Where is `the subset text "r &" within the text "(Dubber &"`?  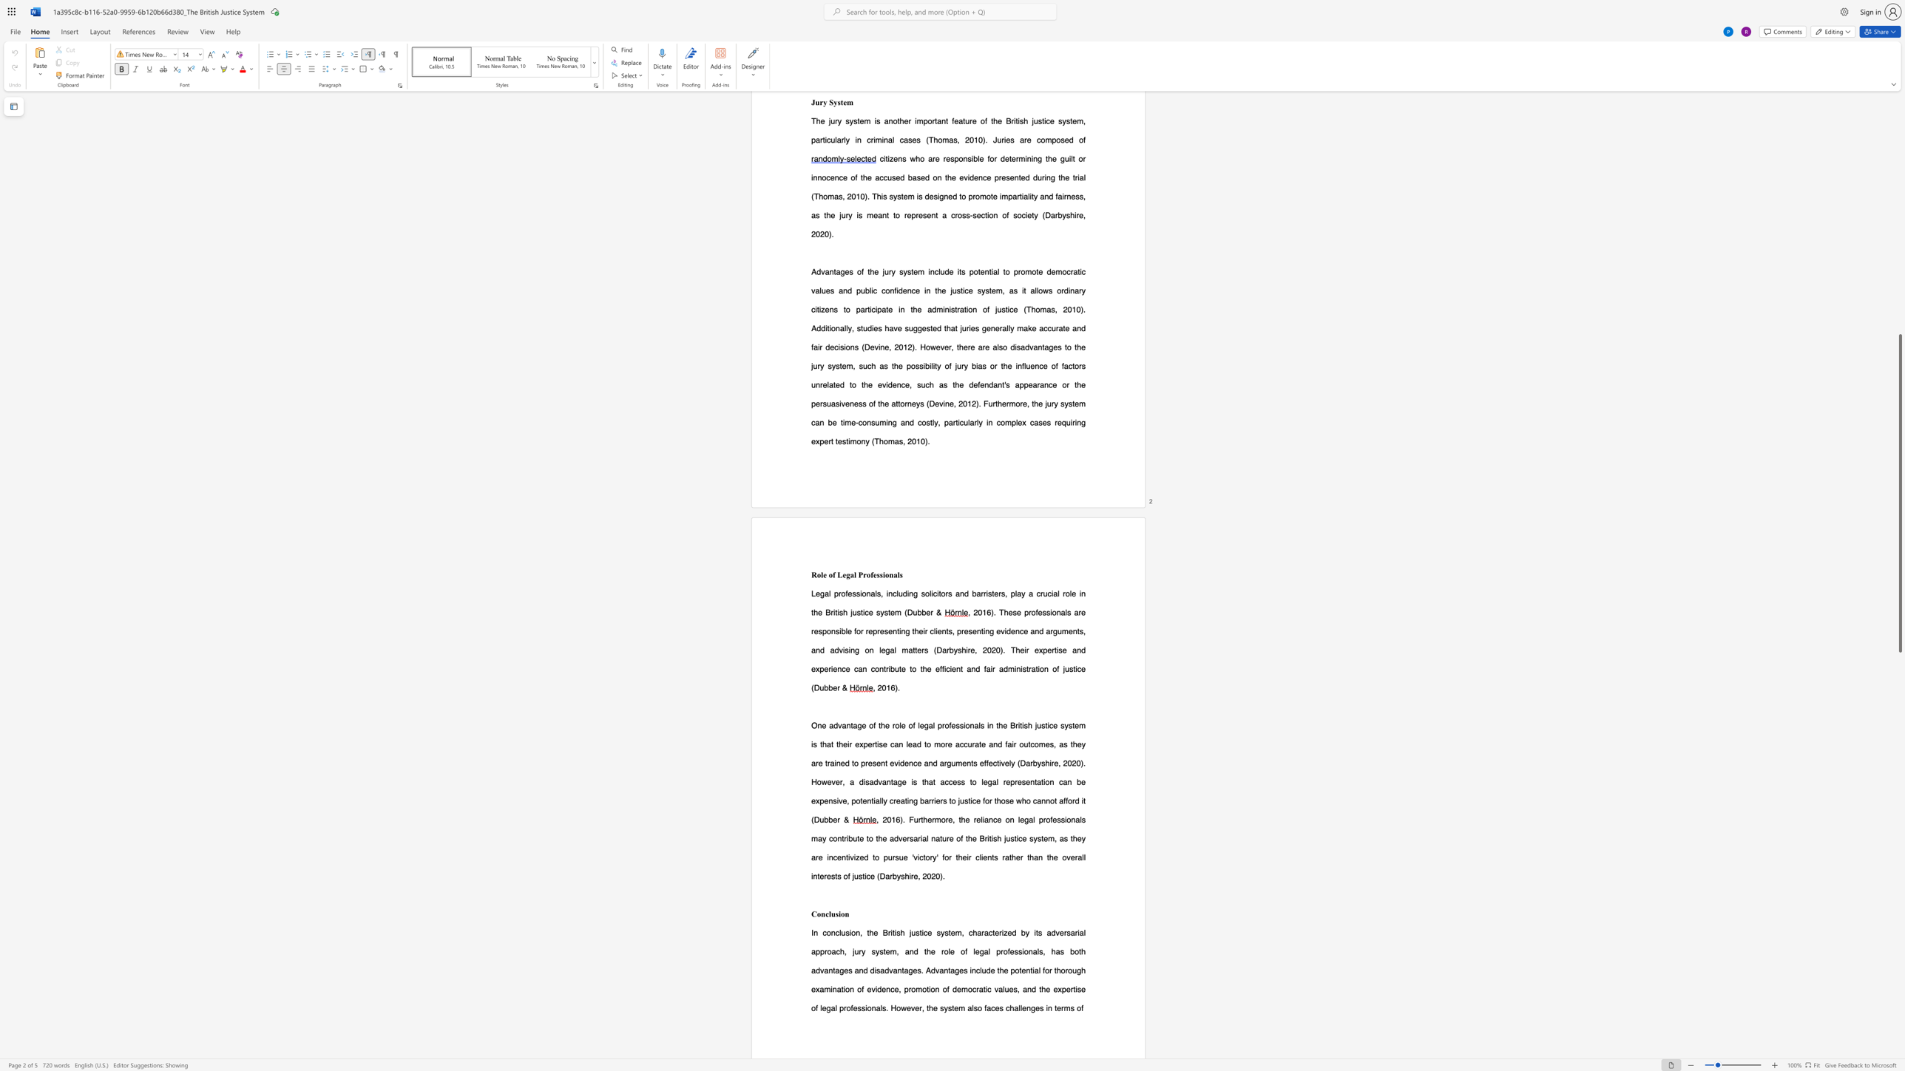 the subset text "r &" within the text "(Dubber &" is located at coordinates (837, 687).